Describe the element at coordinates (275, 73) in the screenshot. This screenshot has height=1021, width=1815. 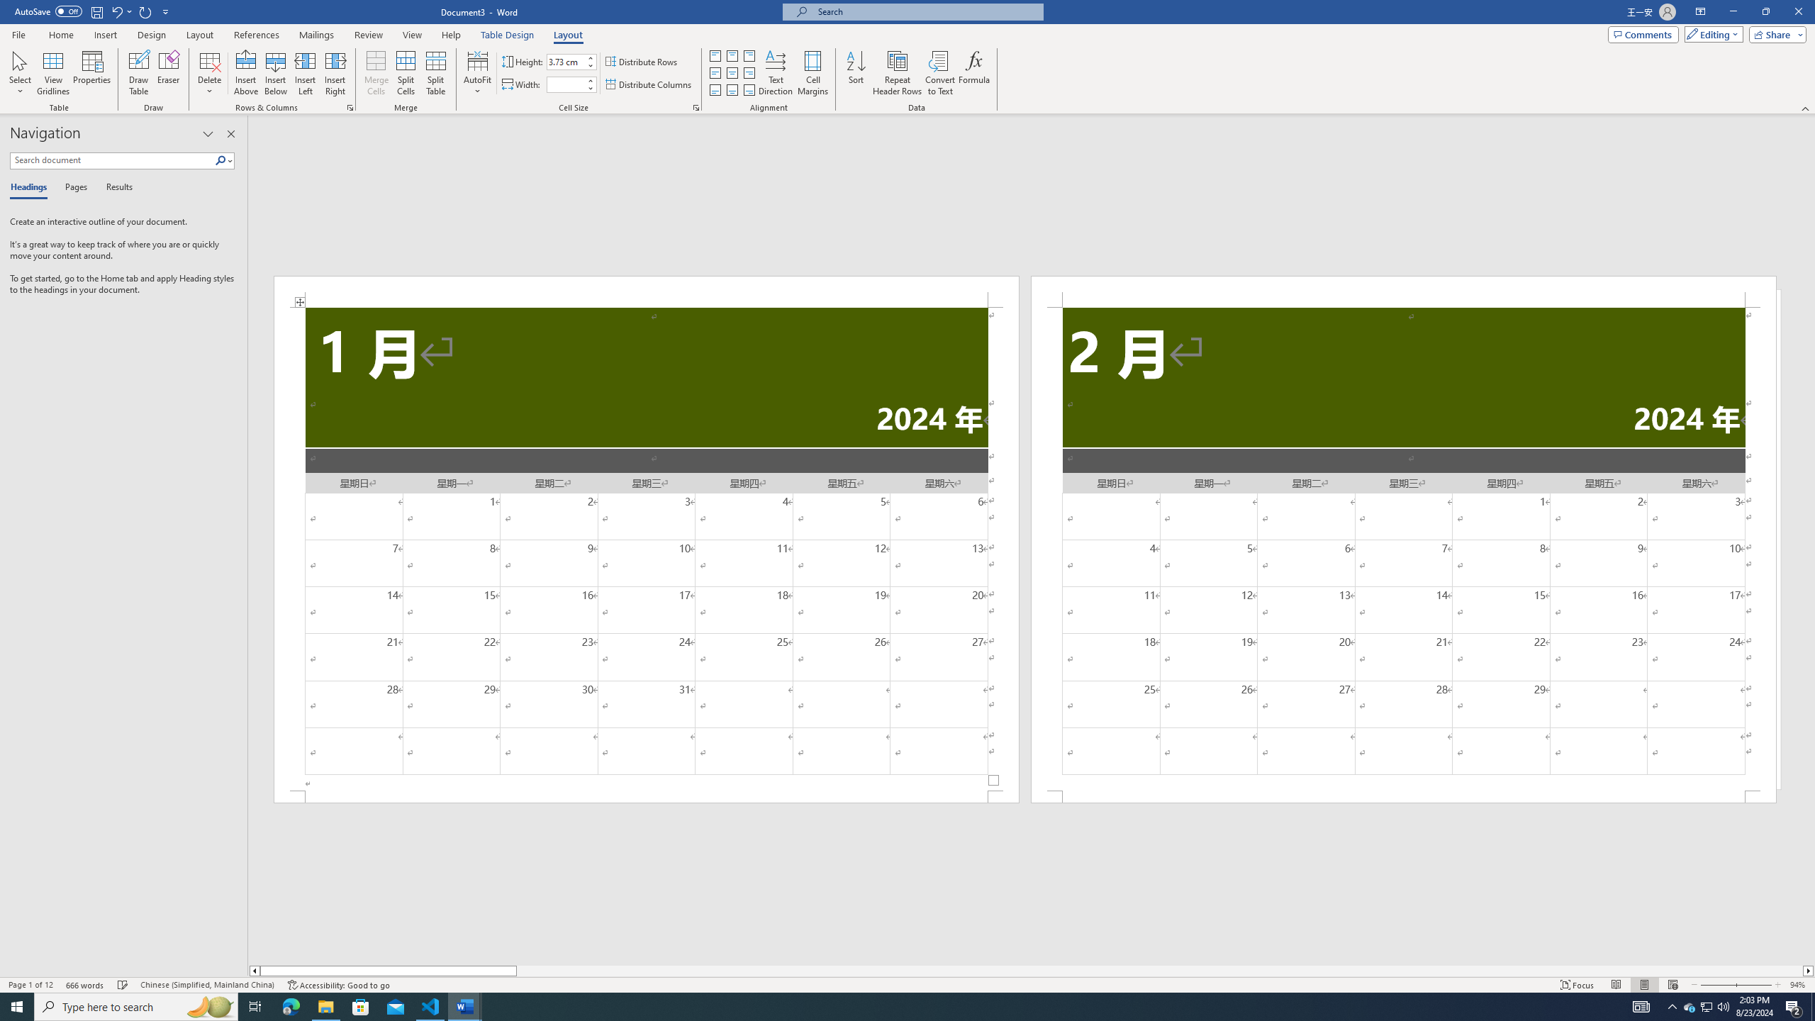
I see `'Insert Below'` at that location.